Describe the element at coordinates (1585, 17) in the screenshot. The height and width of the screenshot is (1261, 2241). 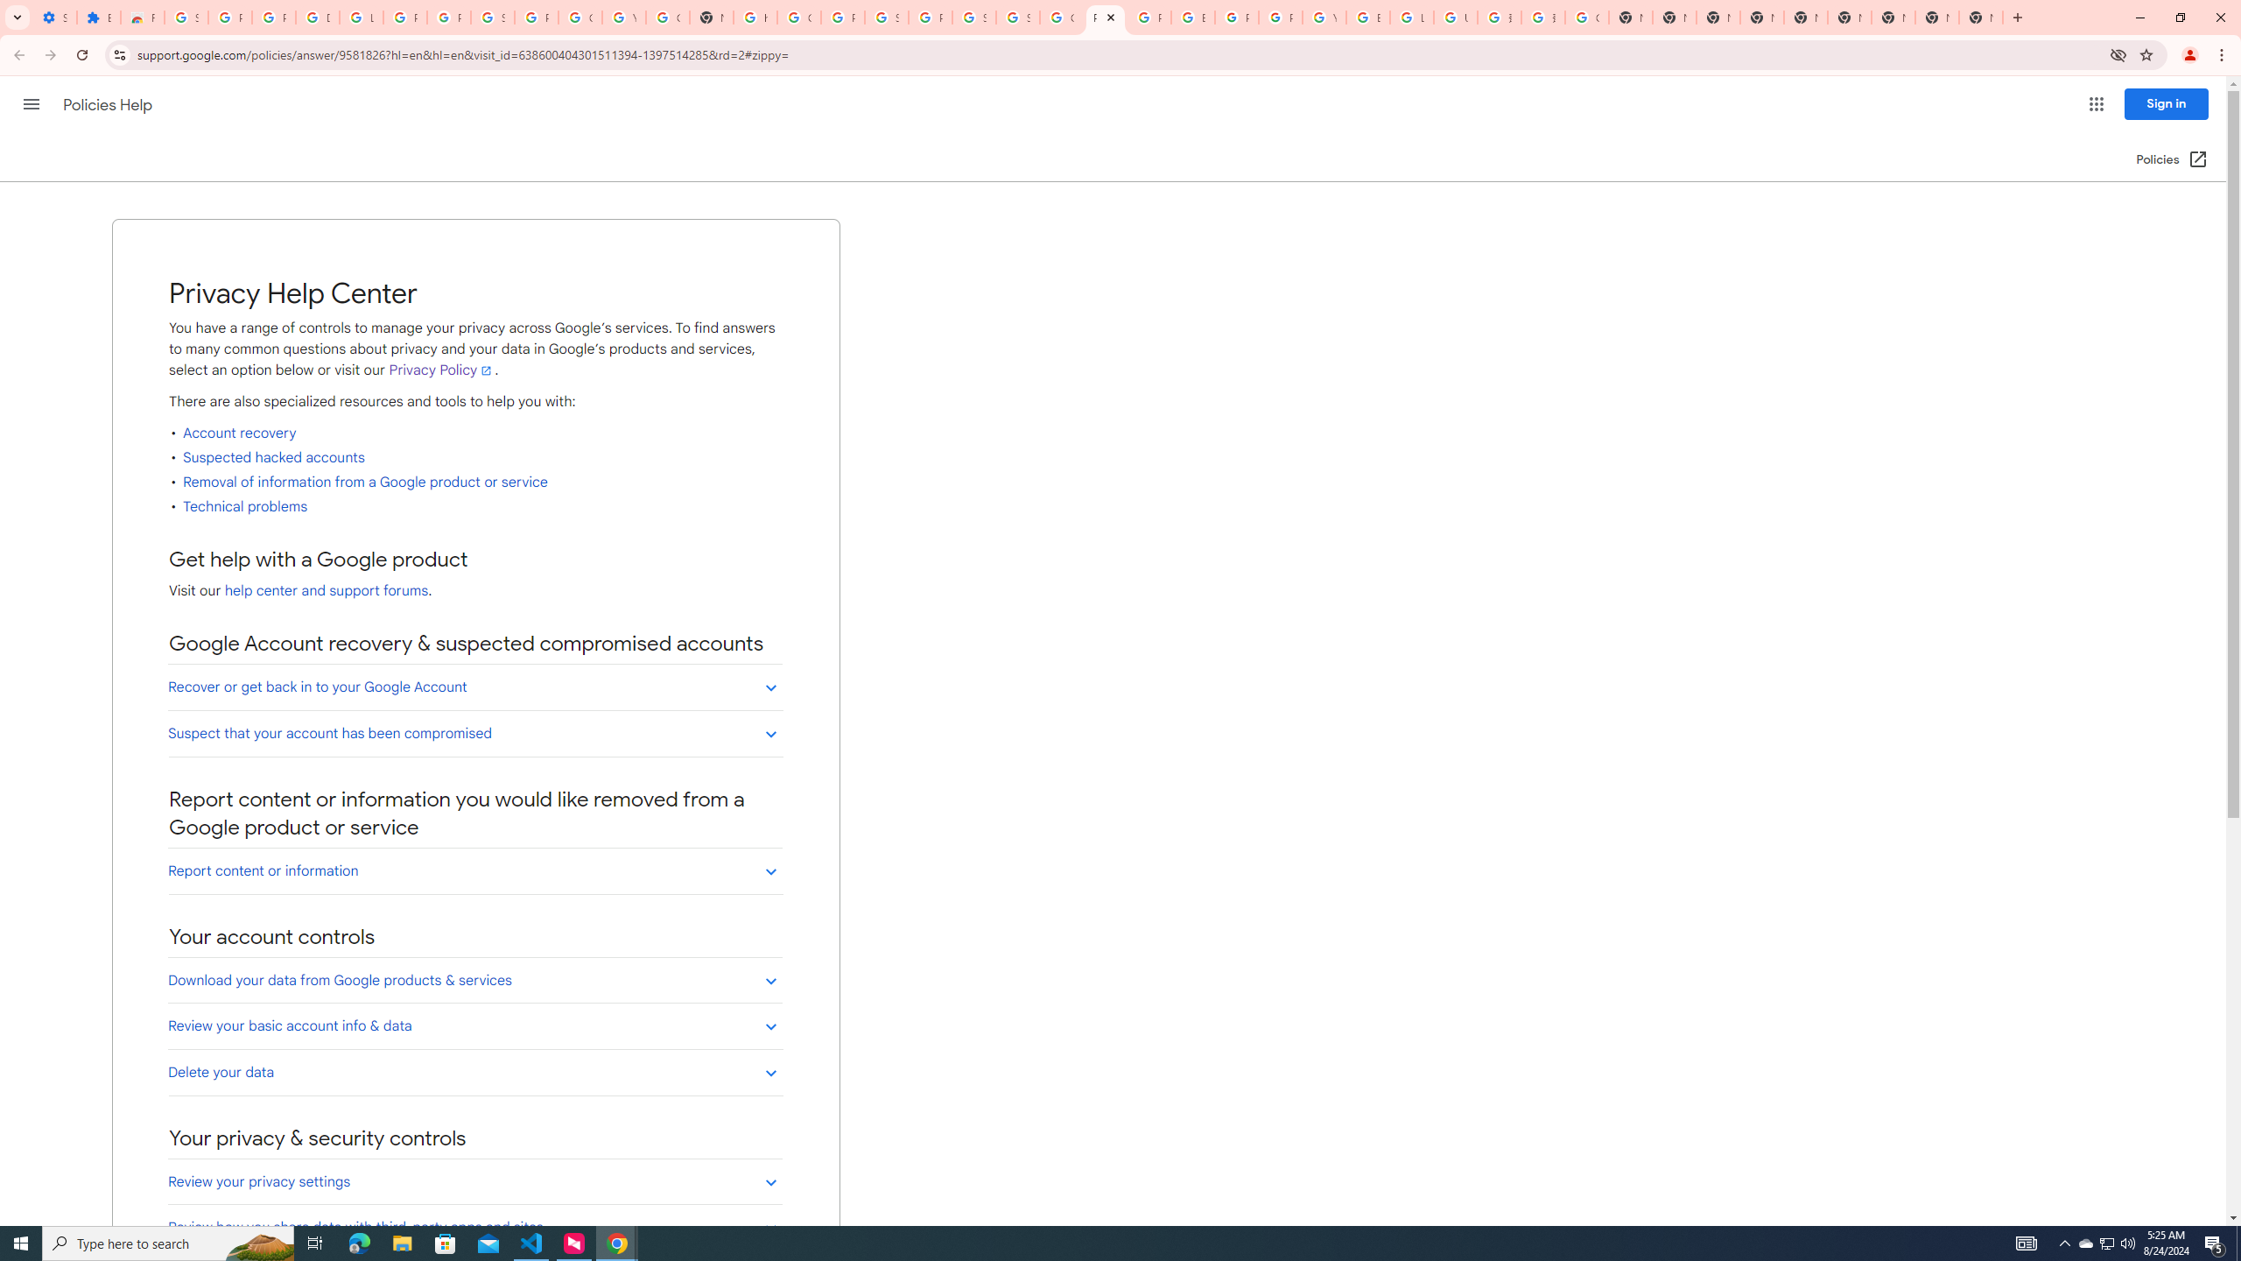
I see `'Google Images'` at that location.